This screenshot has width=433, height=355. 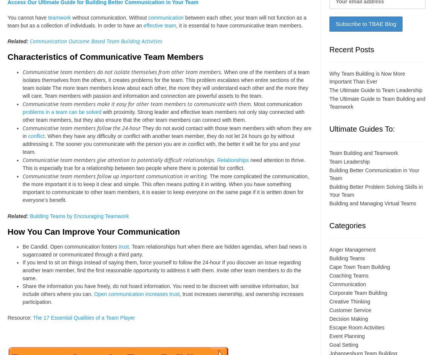 I want to click on 'Communicative team members make it easy for other team members to communicate with them.', so click(x=137, y=103).